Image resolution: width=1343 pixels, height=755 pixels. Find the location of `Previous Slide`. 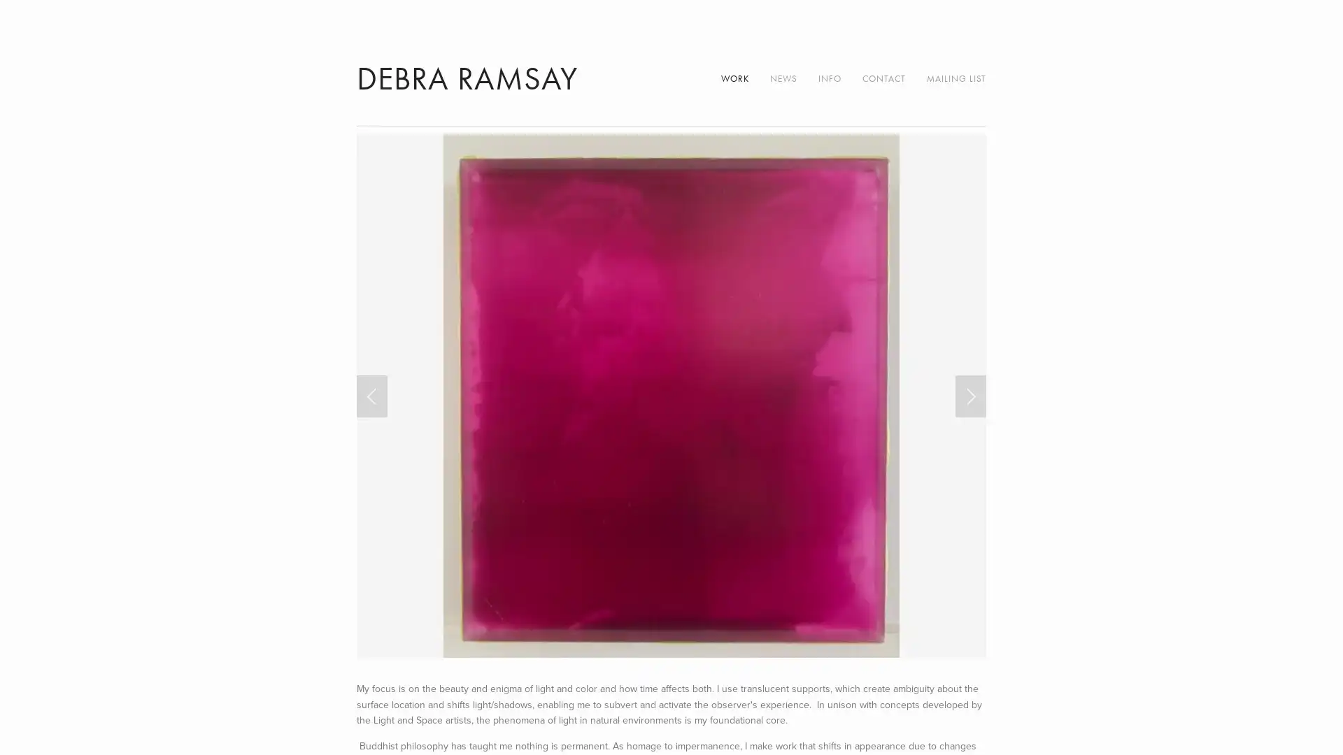

Previous Slide is located at coordinates (372, 396).